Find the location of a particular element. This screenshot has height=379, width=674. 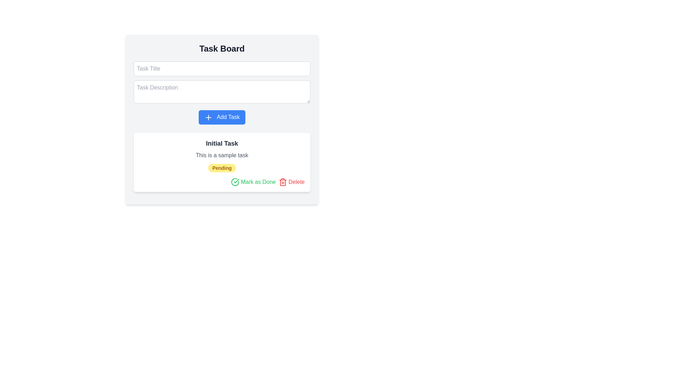

the button with an icon and label in the 'Initial Task' section is located at coordinates (253, 181).